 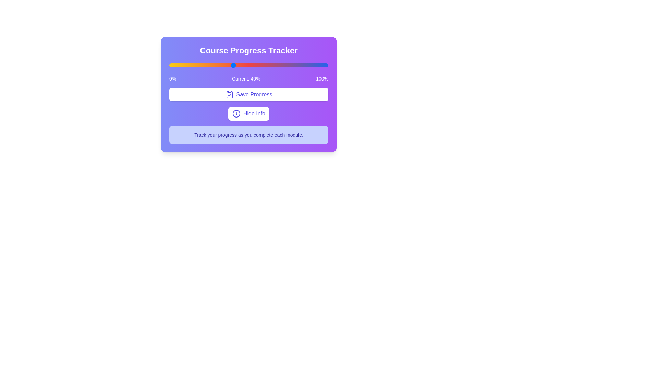 I want to click on progress percentage, so click(x=310, y=65).